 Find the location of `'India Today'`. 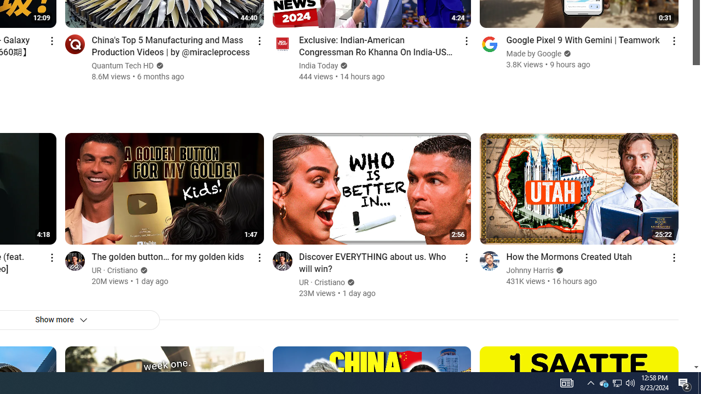

'India Today' is located at coordinates (318, 66).